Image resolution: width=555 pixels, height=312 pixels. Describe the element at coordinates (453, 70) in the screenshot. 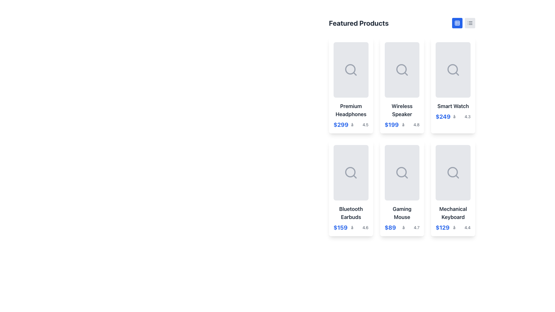

I see `the rectangular placeholder with a light gray background and a centered magnifying glass icon, located in the top-right section of the 'Smart Watch' card` at that location.